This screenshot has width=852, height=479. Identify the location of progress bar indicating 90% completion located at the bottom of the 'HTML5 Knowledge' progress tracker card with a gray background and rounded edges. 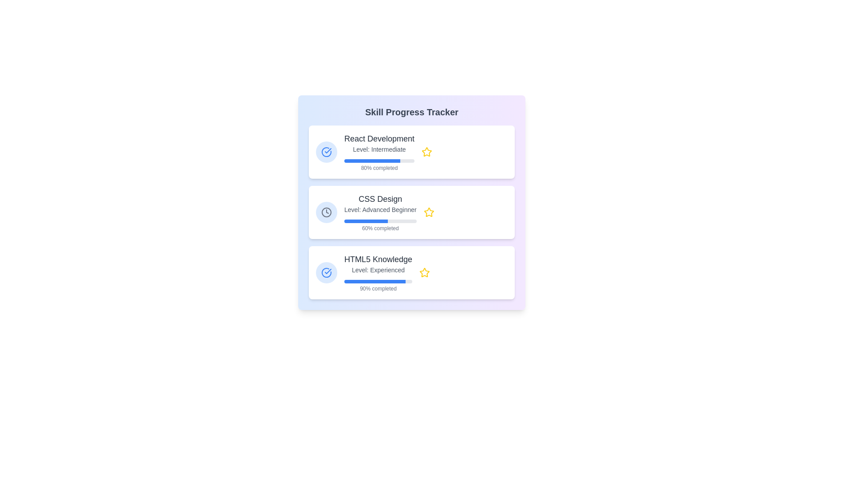
(375, 282).